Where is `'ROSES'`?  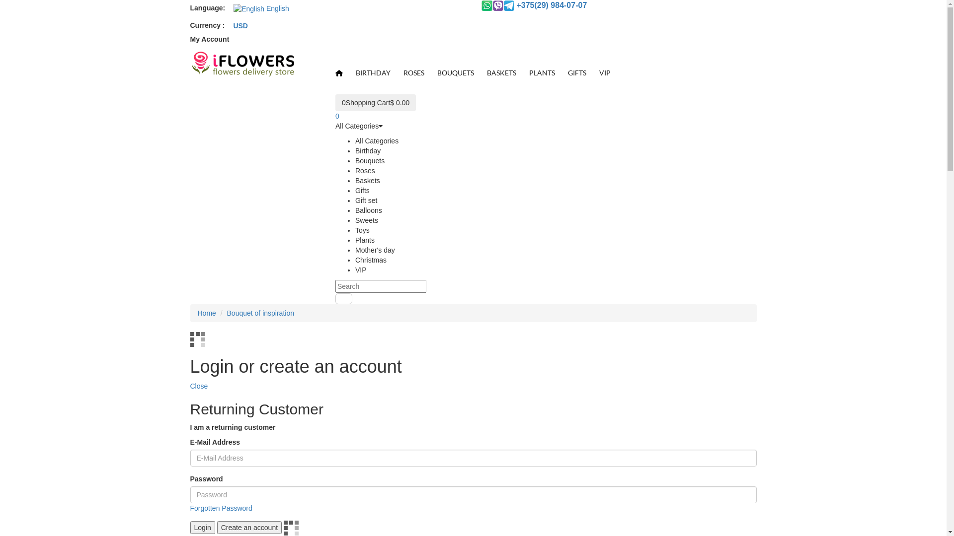
'ROSES' is located at coordinates (414, 72).